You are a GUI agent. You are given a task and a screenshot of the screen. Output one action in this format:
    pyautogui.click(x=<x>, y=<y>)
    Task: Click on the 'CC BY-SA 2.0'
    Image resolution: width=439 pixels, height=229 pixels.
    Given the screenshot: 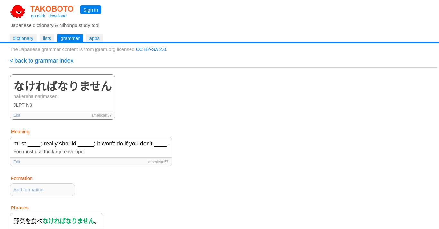 What is the action you would take?
    pyautogui.click(x=135, y=49)
    